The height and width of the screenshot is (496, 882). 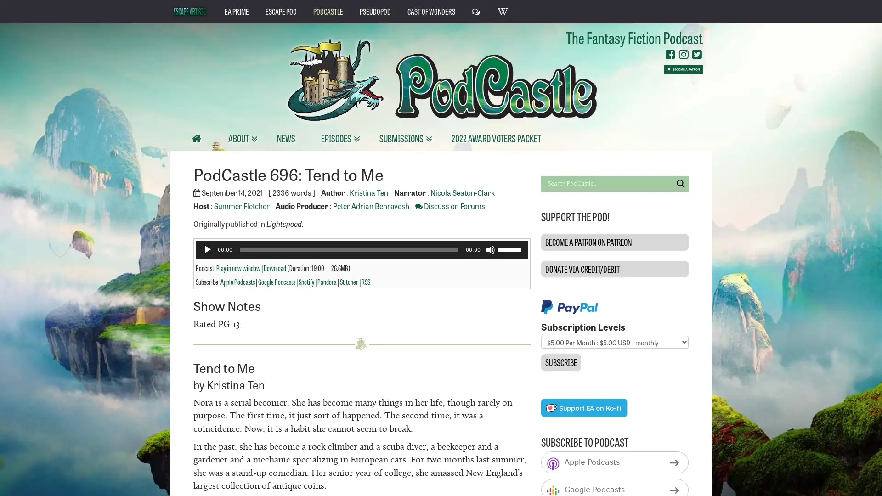 I want to click on Mute, so click(x=489, y=249).